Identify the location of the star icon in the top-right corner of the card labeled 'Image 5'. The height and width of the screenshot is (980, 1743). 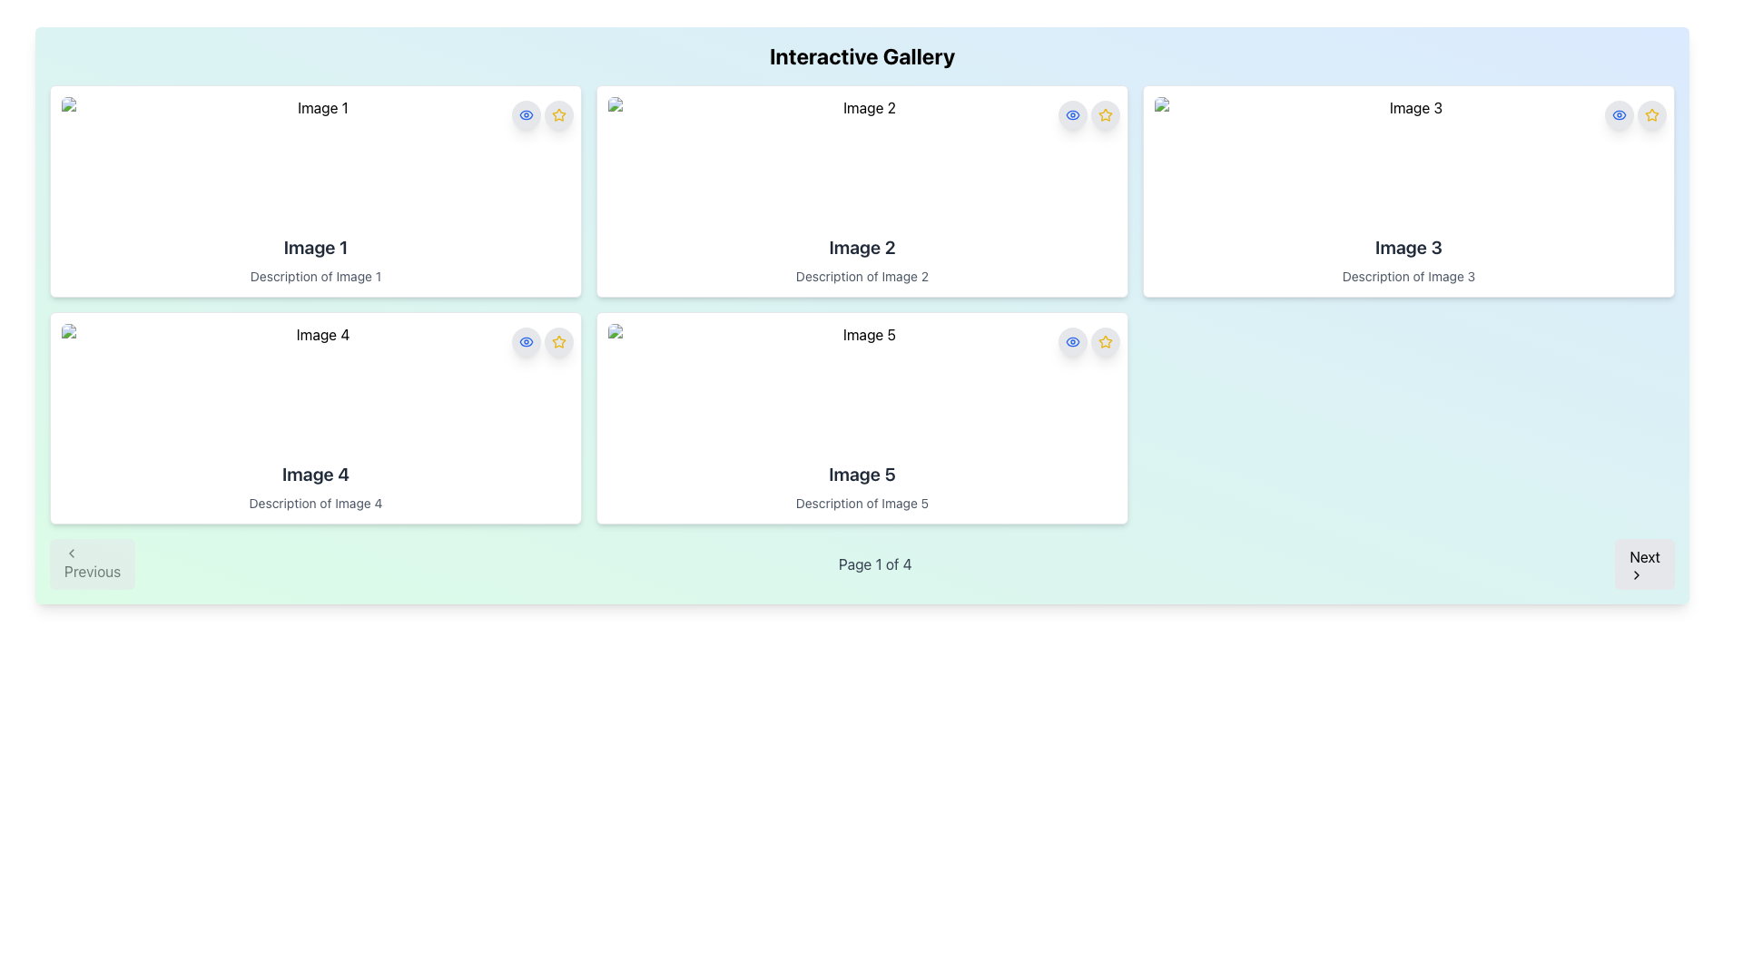
(1105, 342).